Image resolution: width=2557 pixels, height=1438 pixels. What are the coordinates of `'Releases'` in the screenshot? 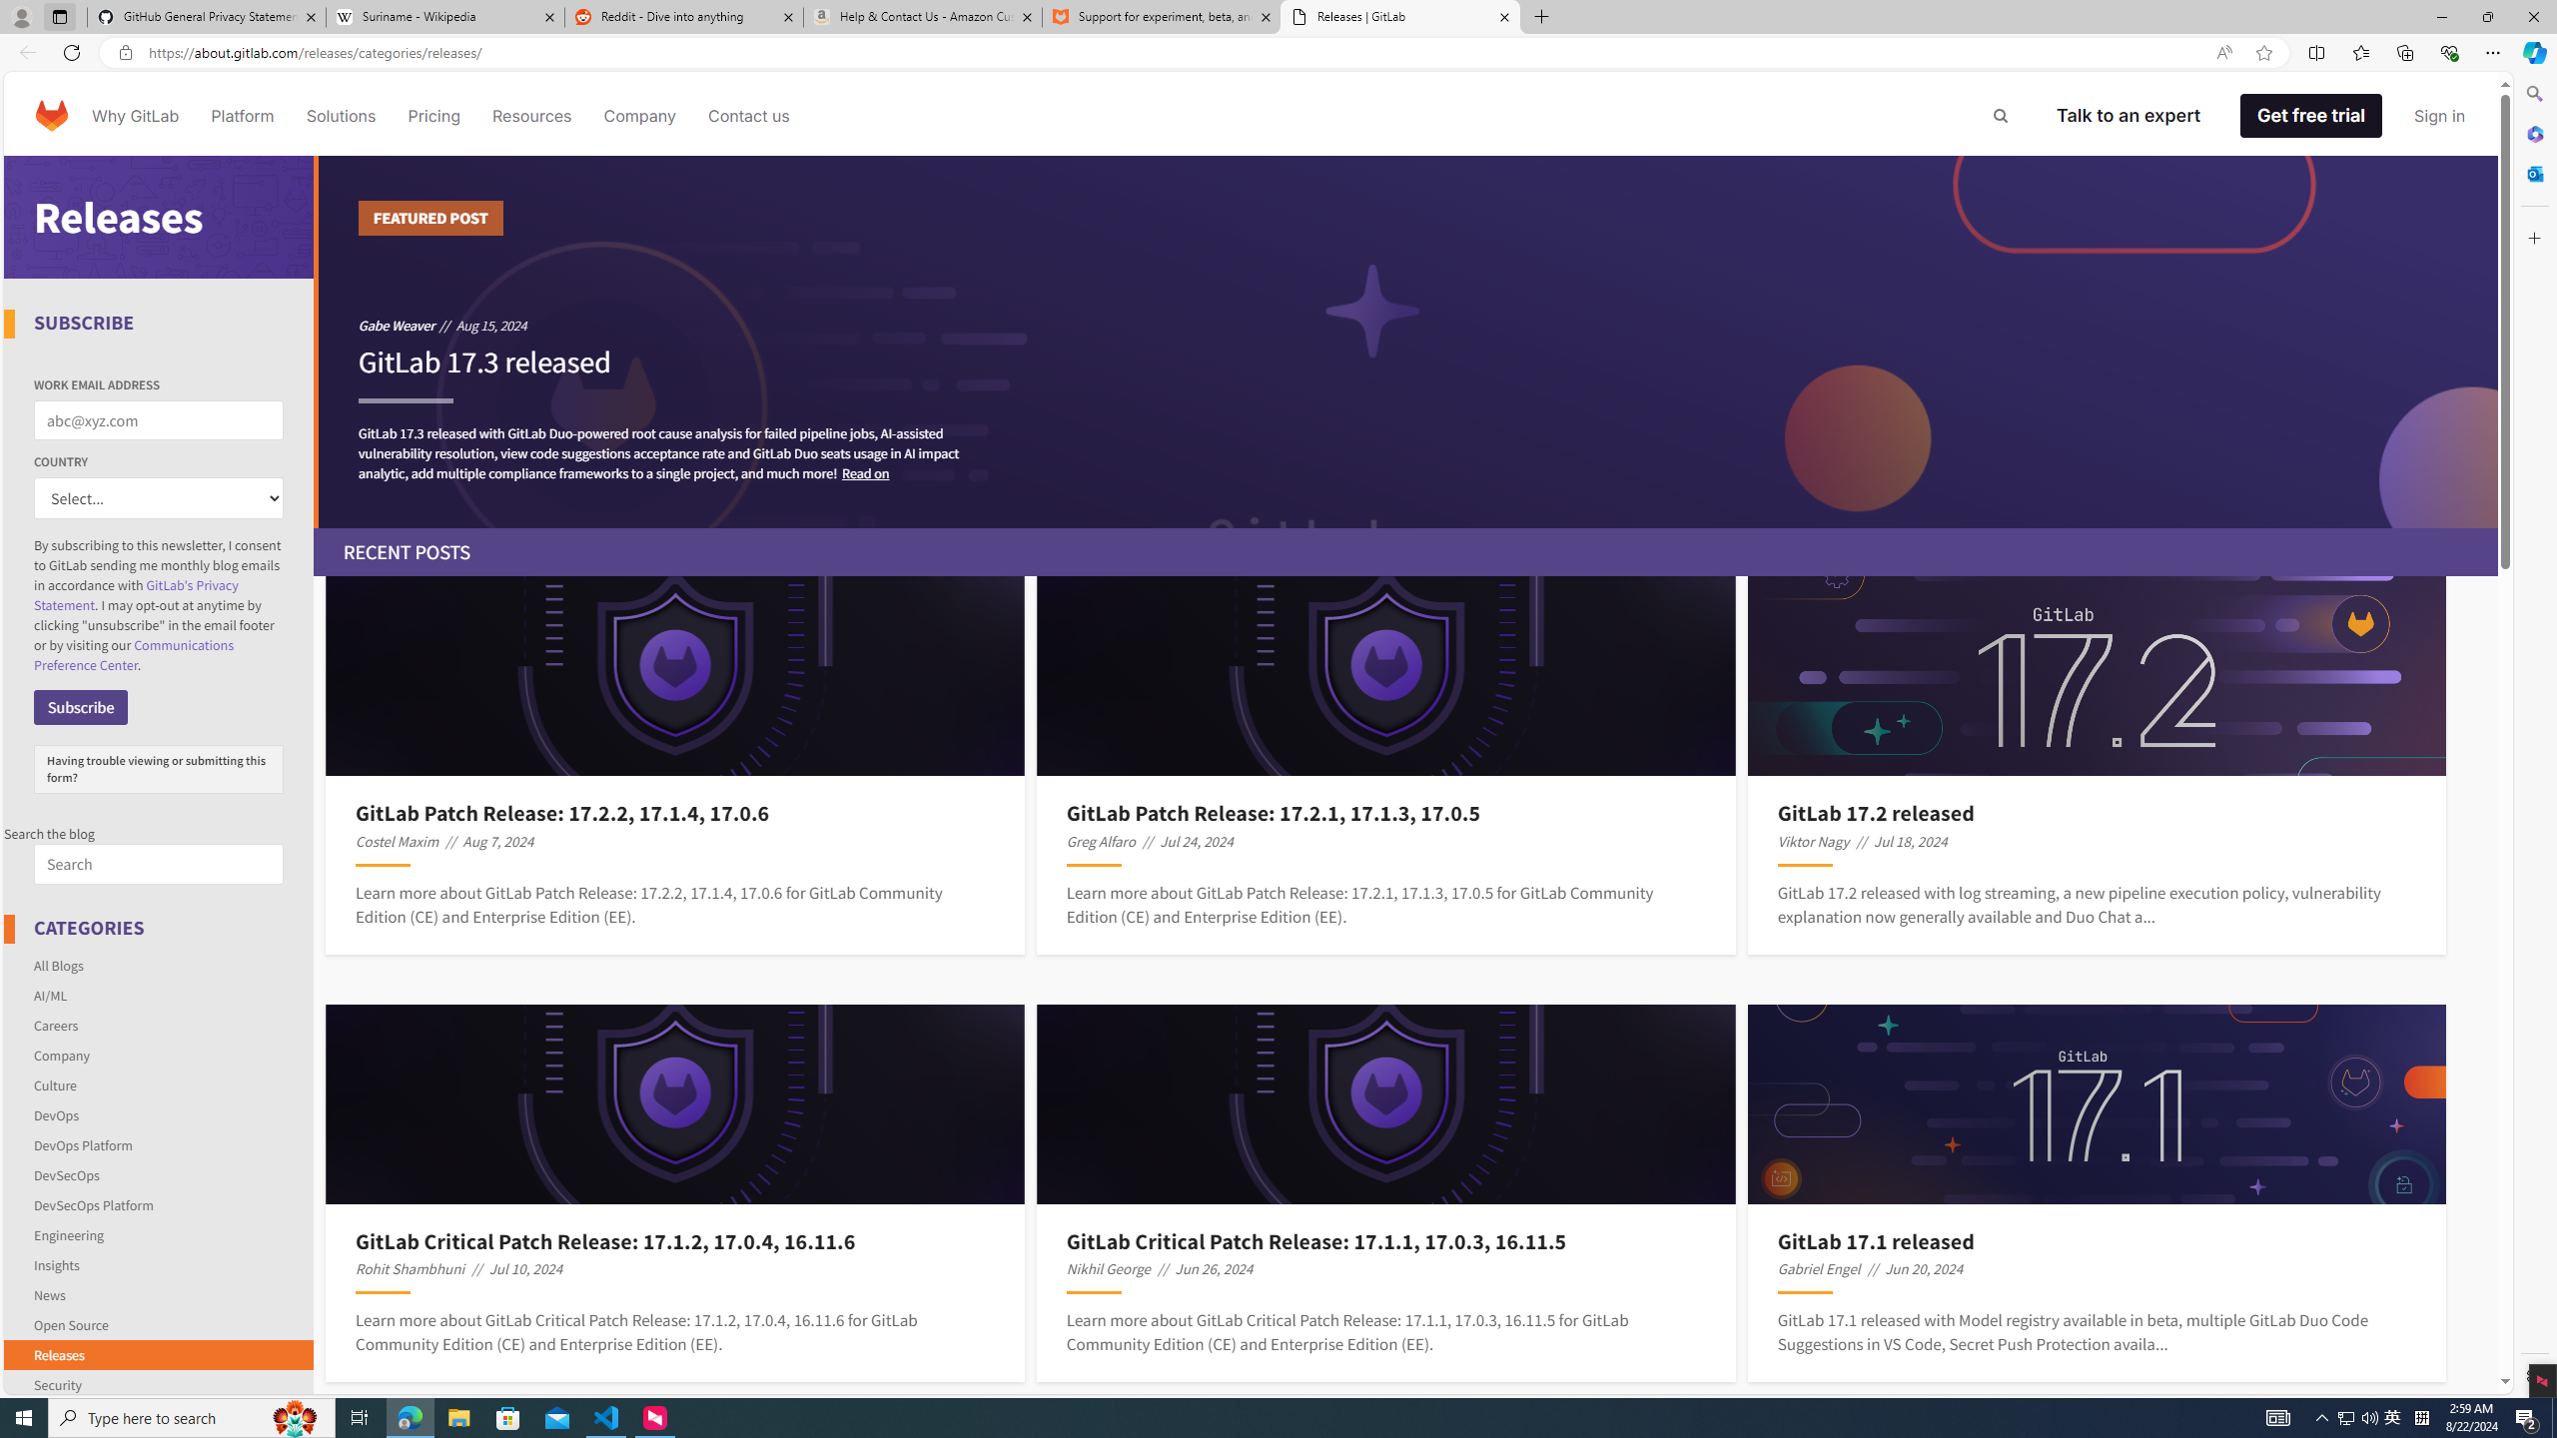 It's located at (159, 1353).